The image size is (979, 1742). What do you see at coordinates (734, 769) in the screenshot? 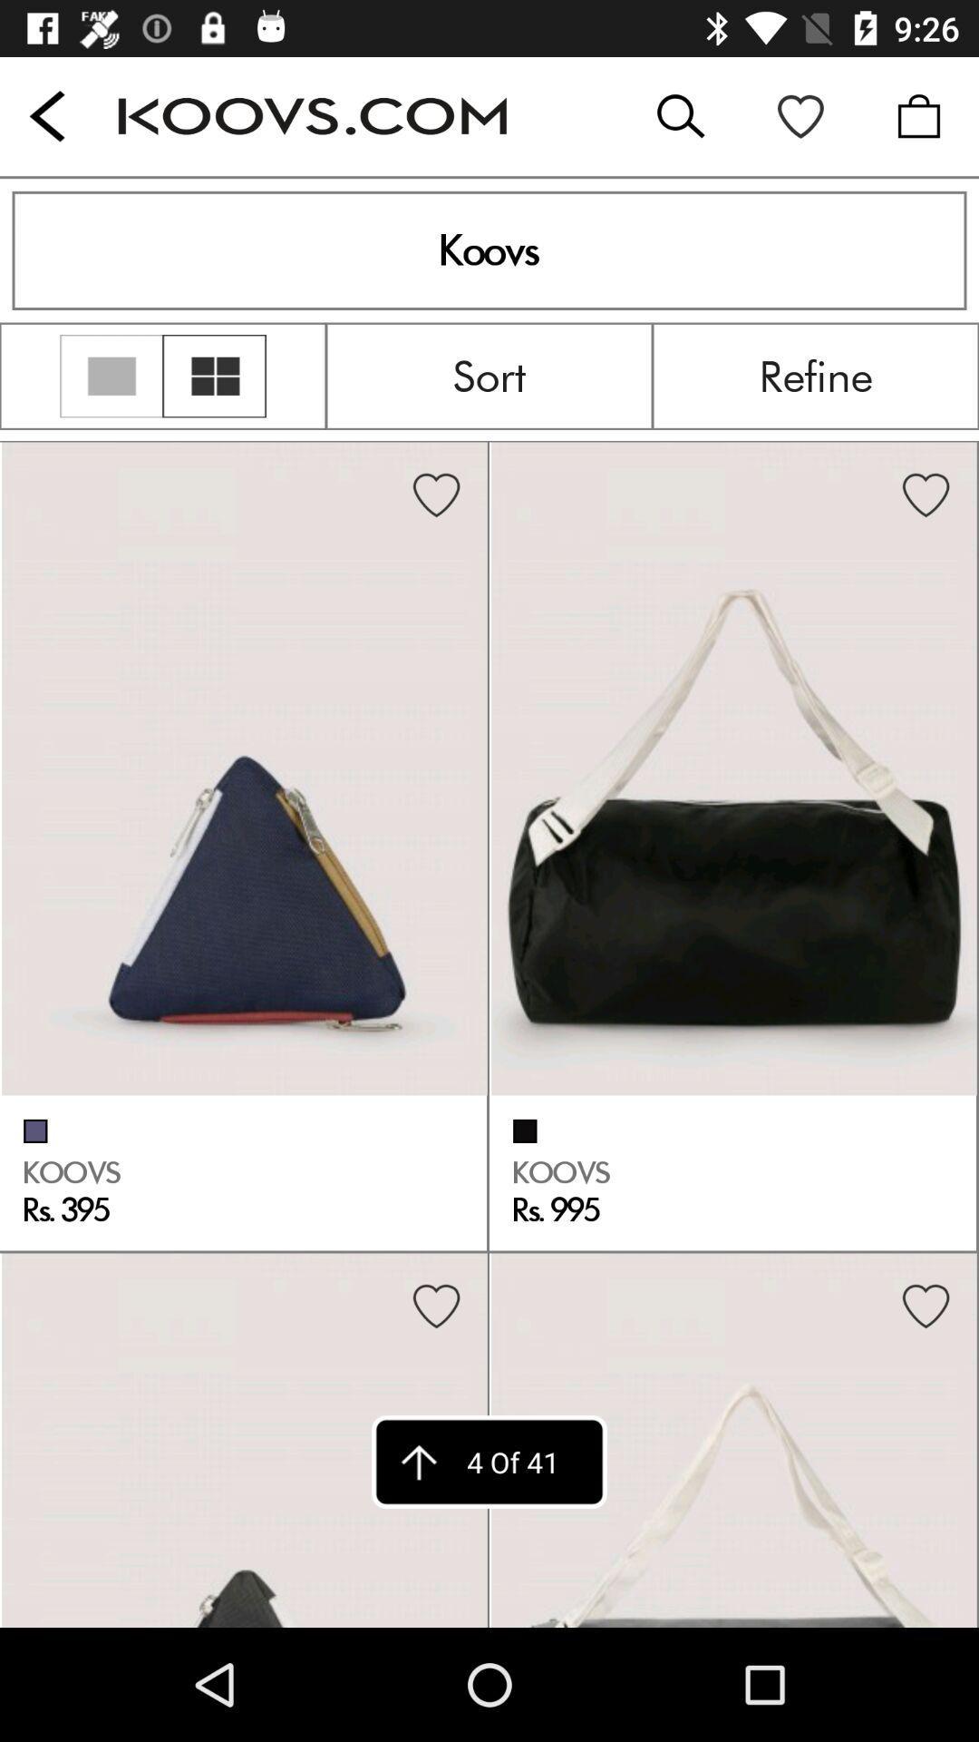
I see `the second image` at bounding box center [734, 769].